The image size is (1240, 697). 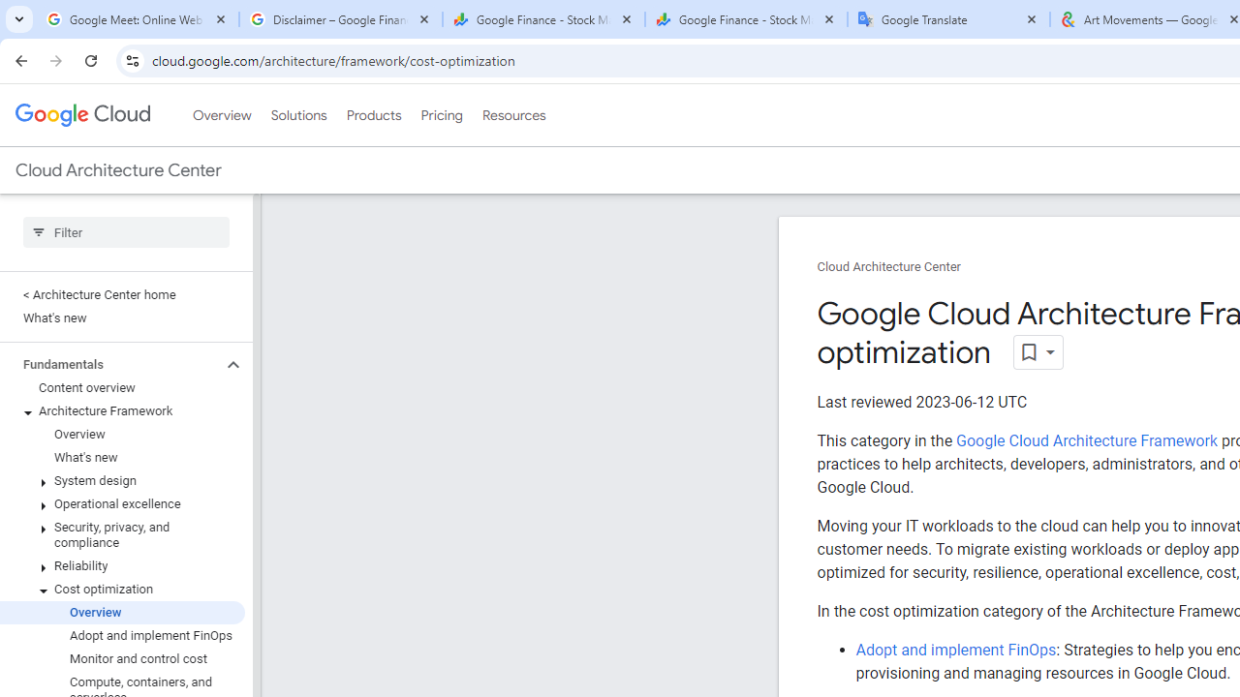 What do you see at coordinates (948, 19) in the screenshot?
I see `'Google Translate'` at bounding box center [948, 19].